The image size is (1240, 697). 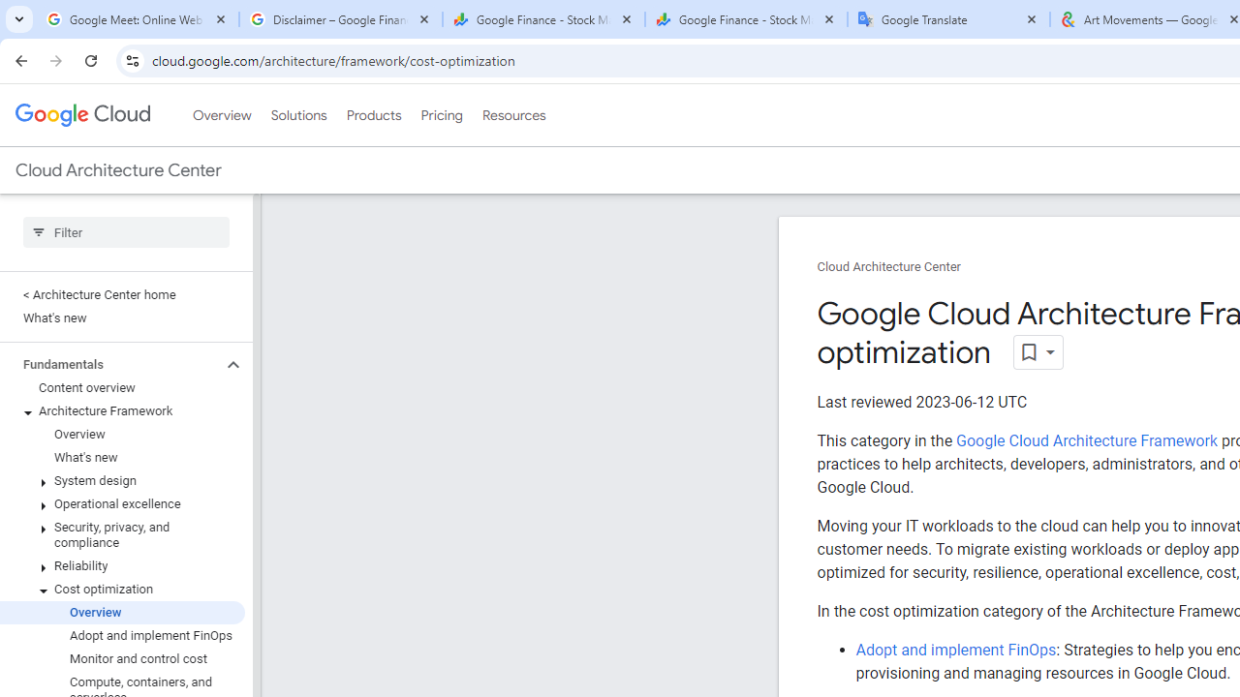 What do you see at coordinates (948, 19) in the screenshot?
I see `'Google Translate'` at bounding box center [948, 19].